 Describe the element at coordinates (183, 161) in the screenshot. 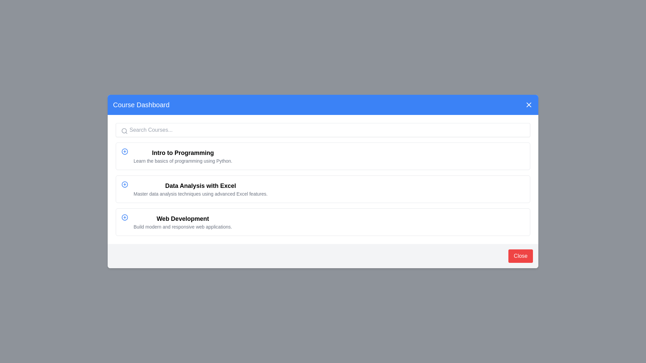

I see `the subtitle text 'Learn the basics of programming using Python.' which is styled in a smaller, gray font and located beneath the bold title 'Intro to Programming.'` at that location.